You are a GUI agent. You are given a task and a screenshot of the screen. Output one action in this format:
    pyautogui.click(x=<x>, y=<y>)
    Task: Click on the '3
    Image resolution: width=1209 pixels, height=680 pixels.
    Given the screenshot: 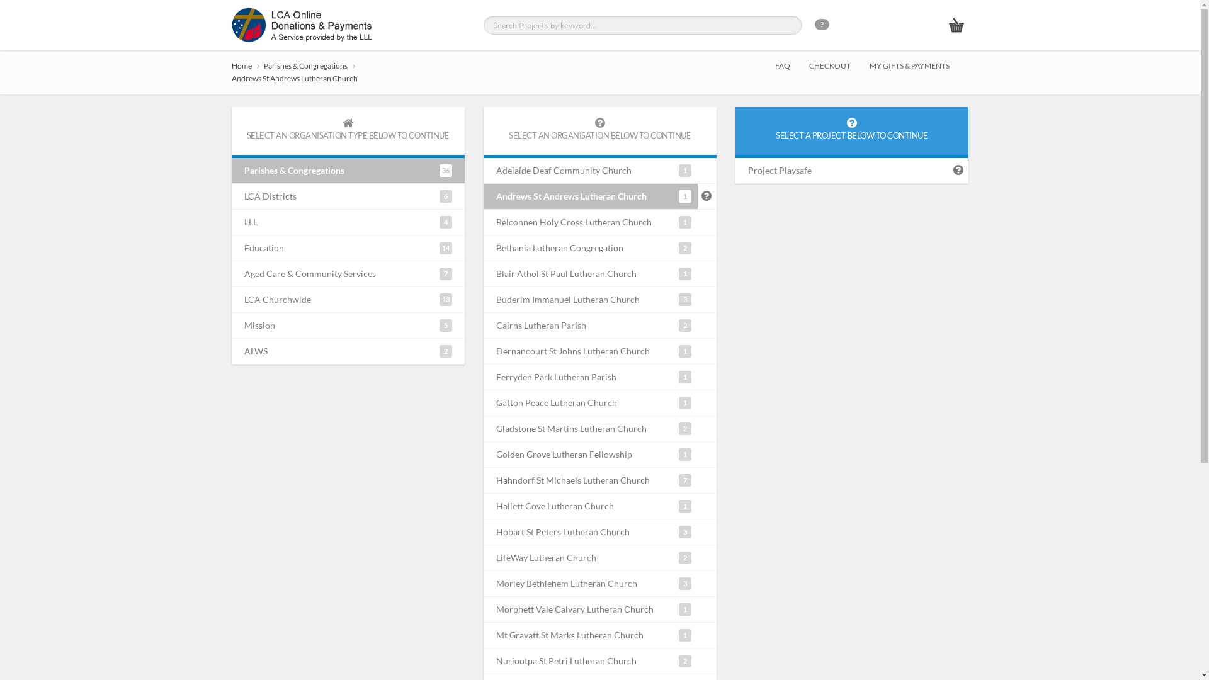 What is the action you would take?
    pyautogui.click(x=589, y=583)
    